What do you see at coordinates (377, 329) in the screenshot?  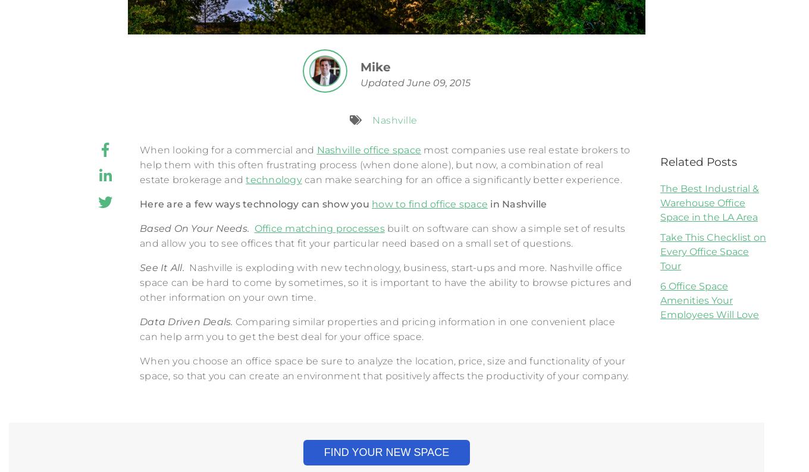 I see `'Comparing similar properties and pricing information in one convenient place can help arm you to get the best deal for your office space.'` at bounding box center [377, 329].